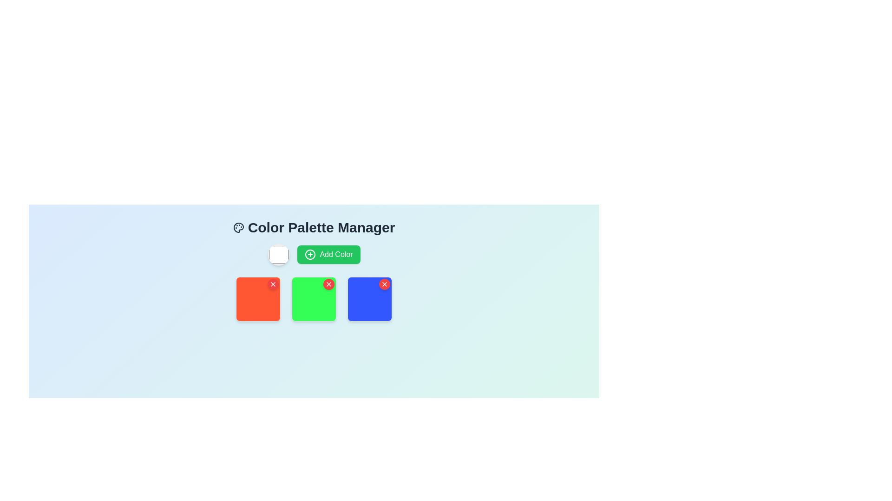 The image size is (892, 501). I want to click on the circular red button located at the top-right corner of the blue card in the 'Color Palette Manager', so click(385, 284).